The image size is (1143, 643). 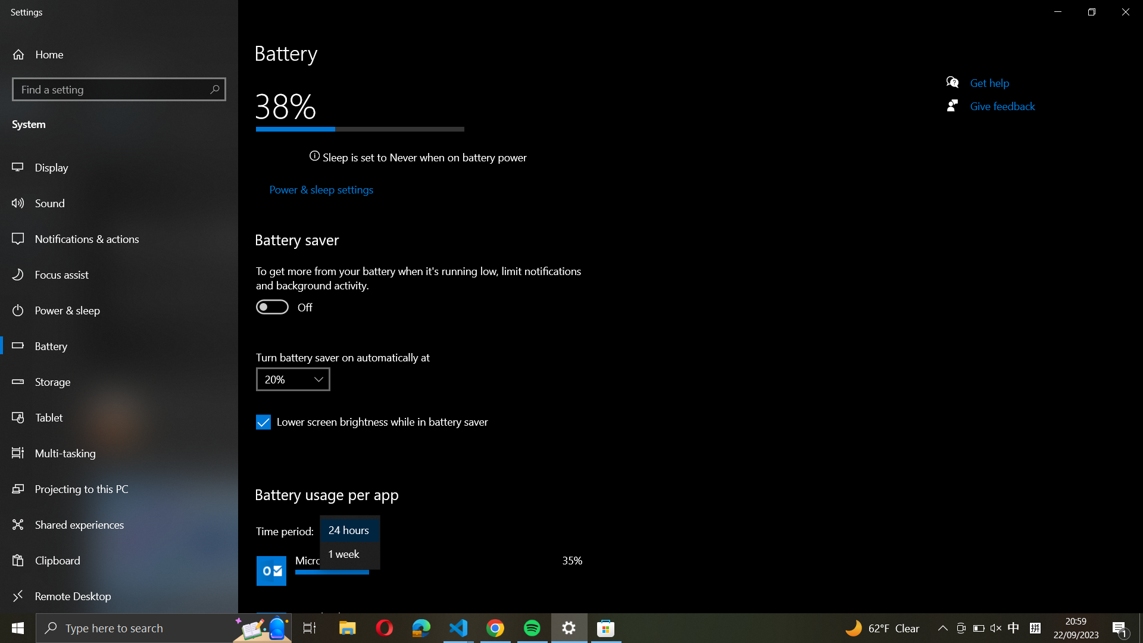 What do you see at coordinates (120, 383) in the screenshot?
I see `the Storage settings by clicking on the left side menu` at bounding box center [120, 383].